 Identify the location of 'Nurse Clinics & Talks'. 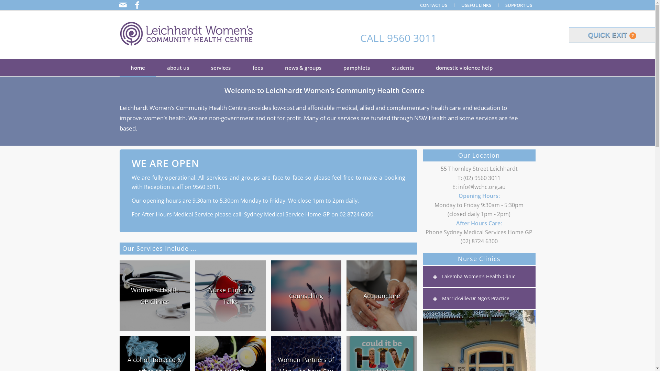
(230, 295).